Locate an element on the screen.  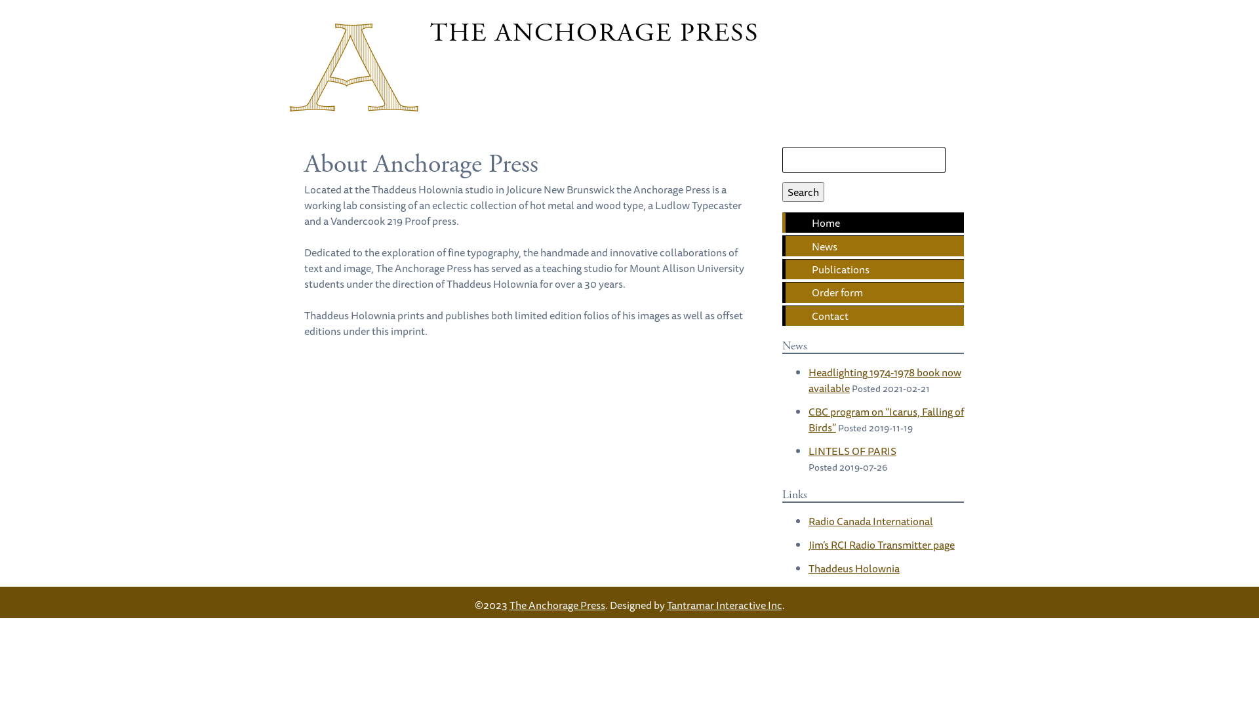
'Home' is located at coordinates (873, 222).